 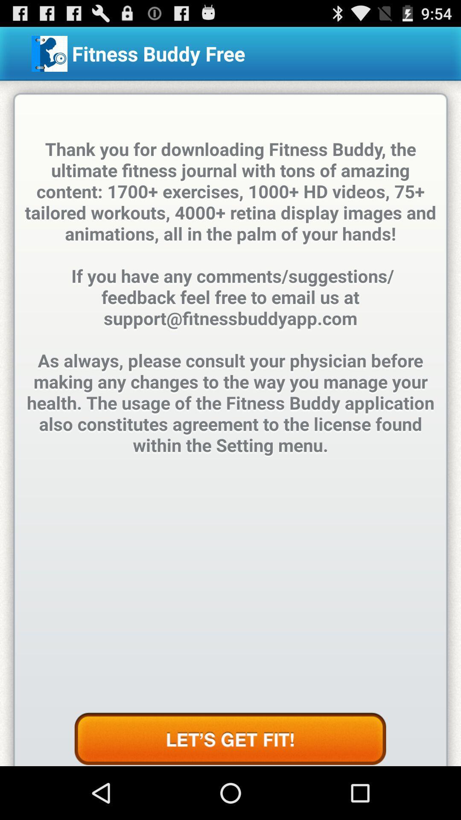 I want to click on app below thank you for app, so click(x=230, y=739).